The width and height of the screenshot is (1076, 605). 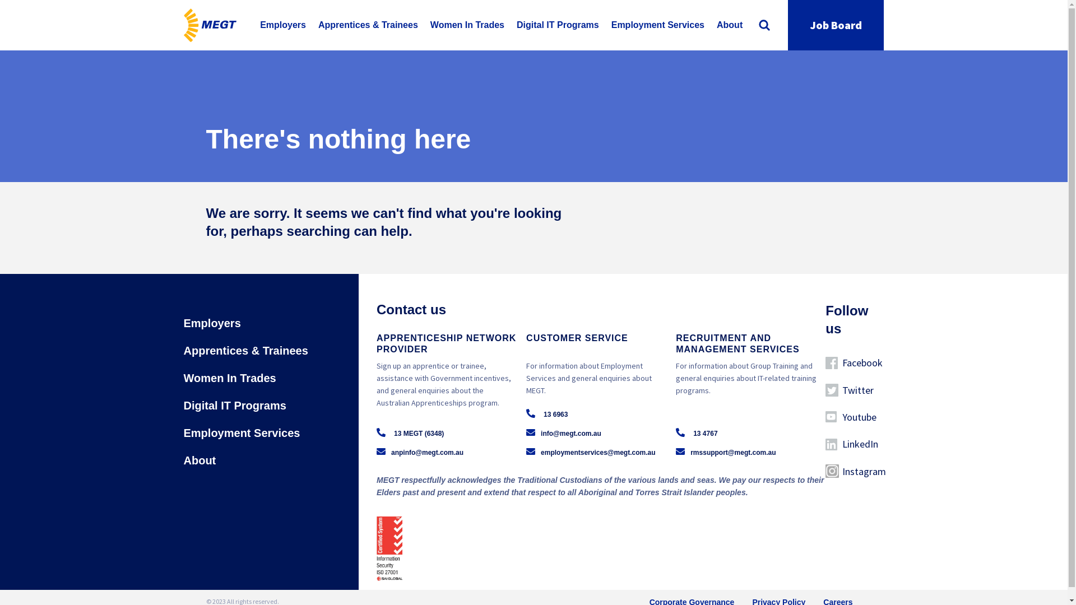 What do you see at coordinates (244, 432) in the screenshot?
I see `'Employment Services'` at bounding box center [244, 432].